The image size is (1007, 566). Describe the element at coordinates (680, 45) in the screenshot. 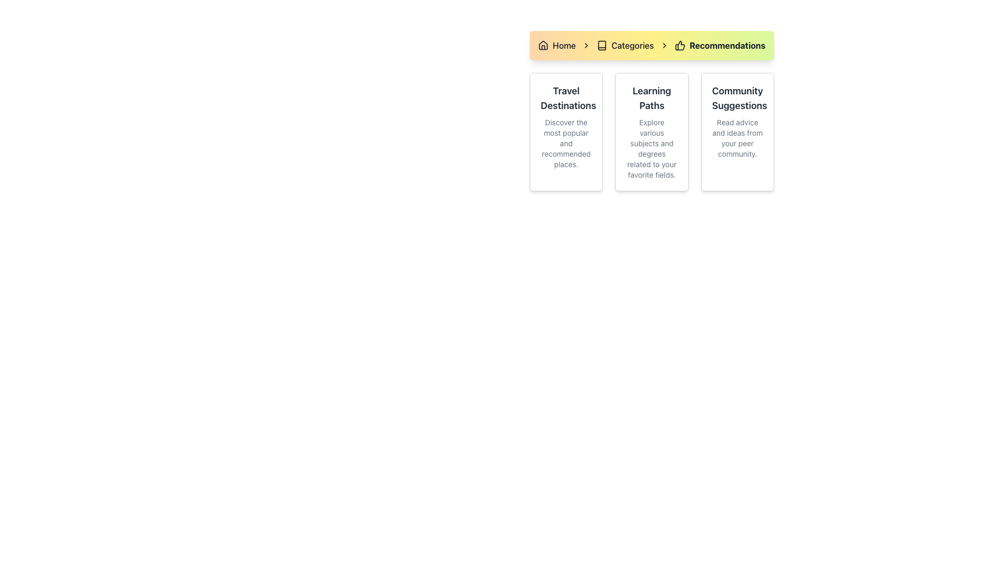

I see `the recommendations icon located to the left of the 'Recommendations' text in the breadcrumb navigation bar at the top of the interface` at that location.